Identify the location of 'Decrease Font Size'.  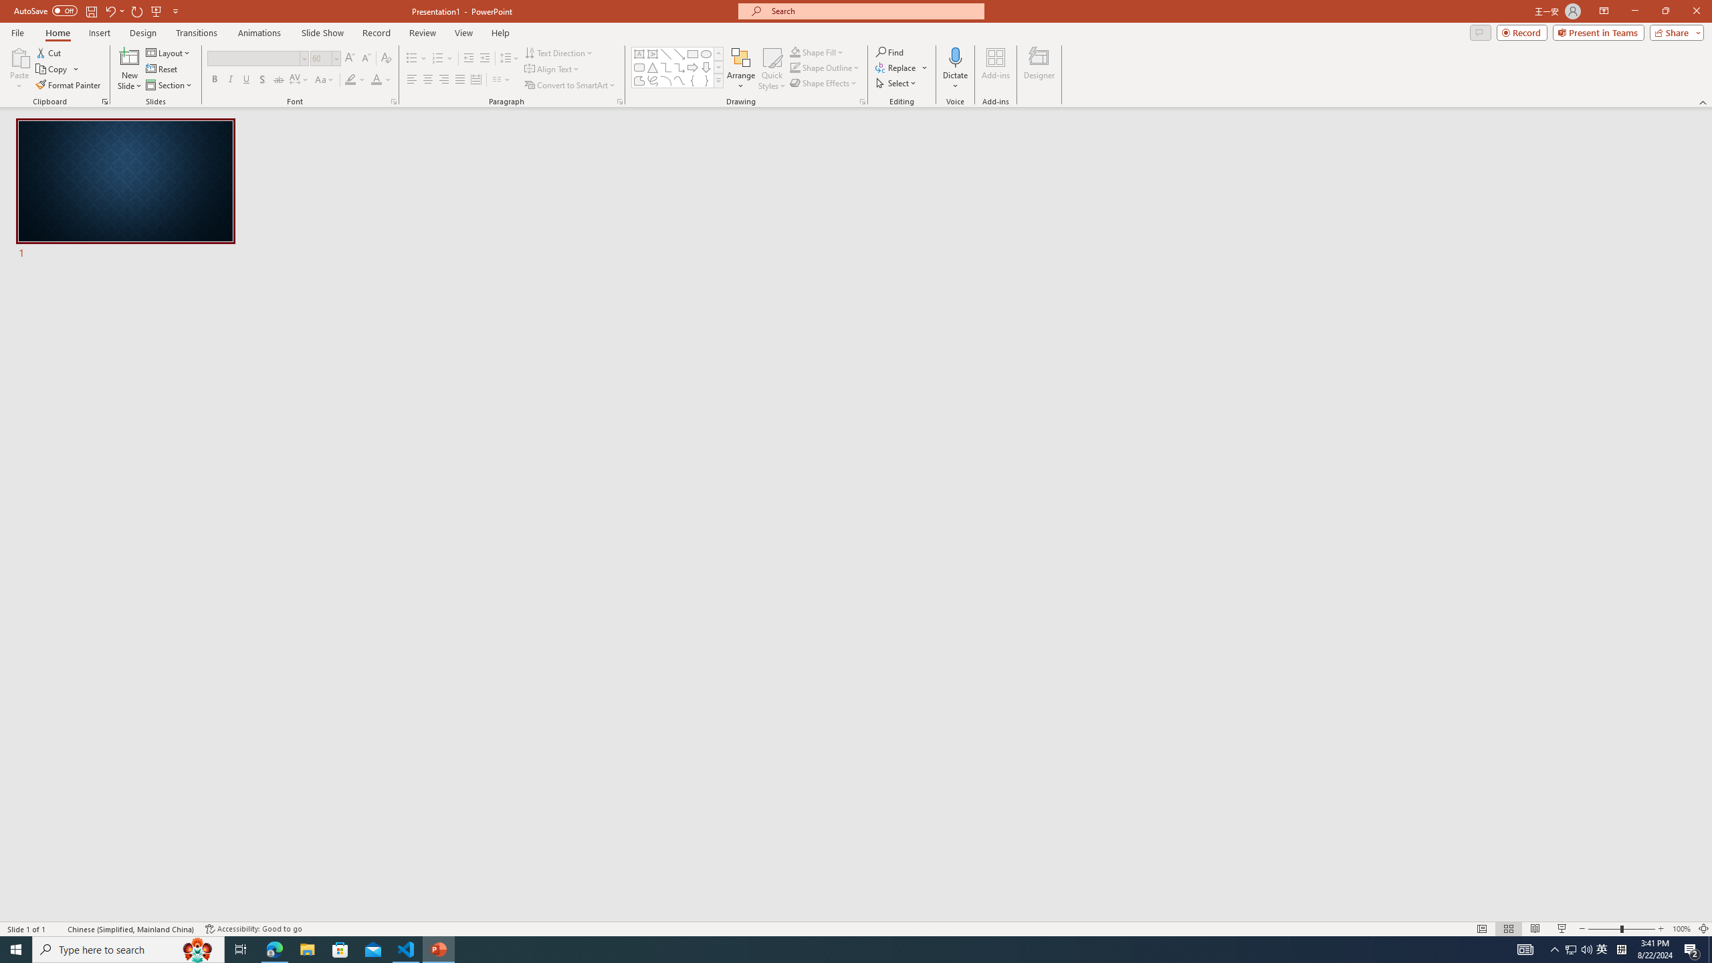
(365, 58).